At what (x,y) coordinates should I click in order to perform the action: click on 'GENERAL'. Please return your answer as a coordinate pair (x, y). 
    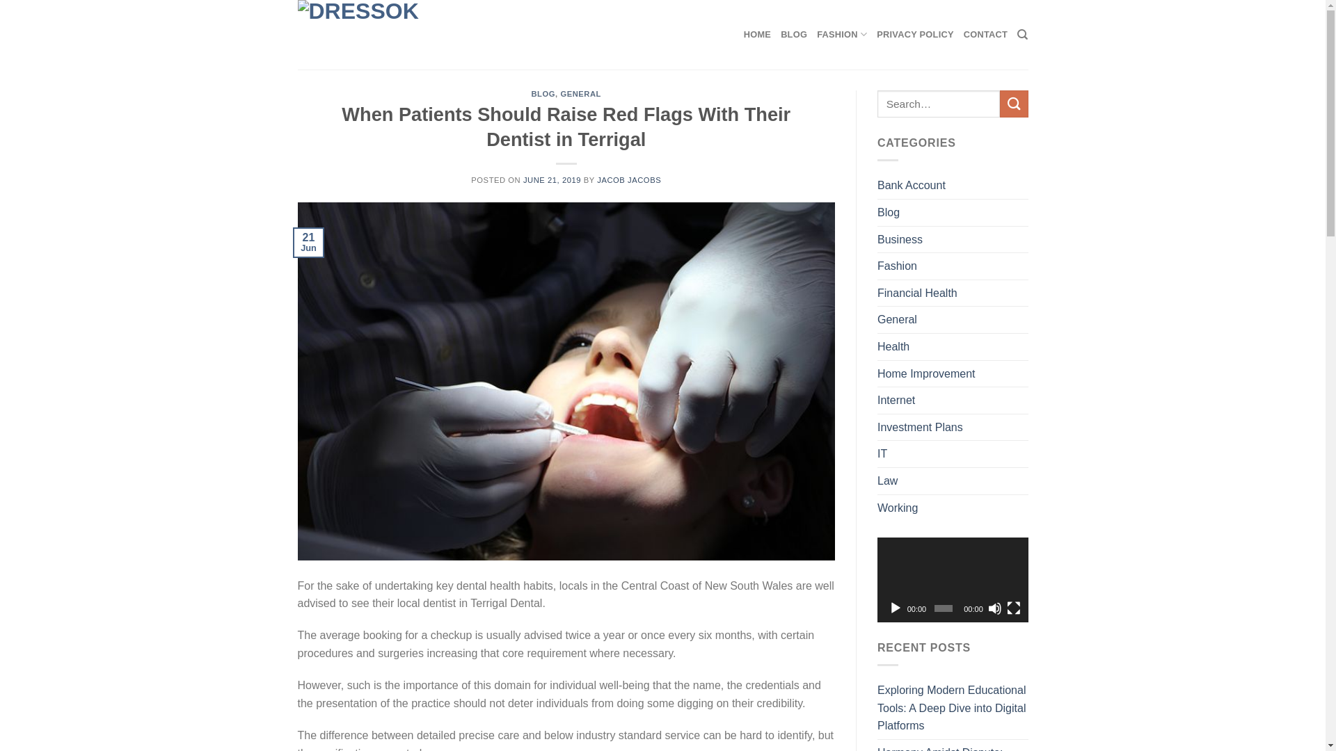
    Looking at the image, I should click on (580, 94).